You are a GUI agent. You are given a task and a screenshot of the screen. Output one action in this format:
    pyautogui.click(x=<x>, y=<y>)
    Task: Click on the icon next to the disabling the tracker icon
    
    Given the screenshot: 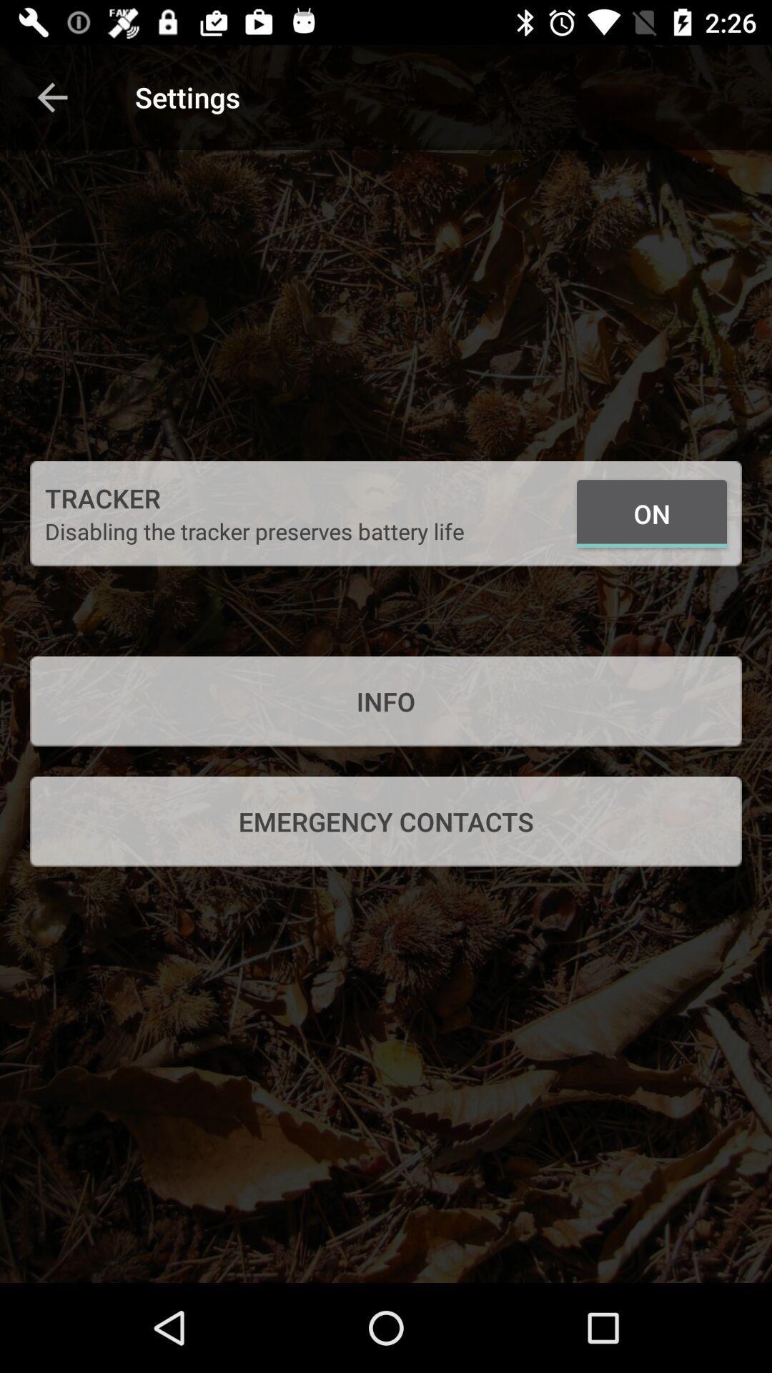 What is the action you would take?
    pyautogui.click(x=651, y=513)
    